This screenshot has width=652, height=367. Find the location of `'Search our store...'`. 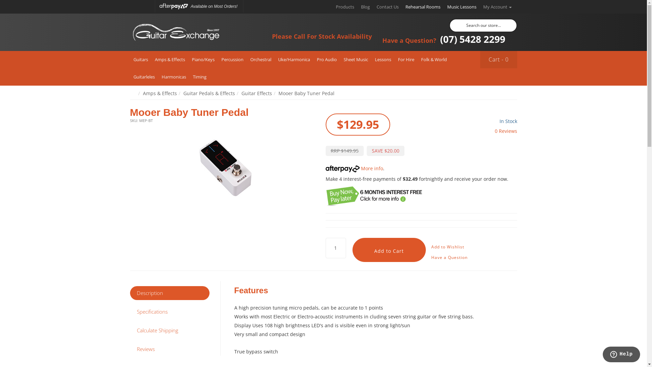

'Search our store...' is located at coordinates (482, 25).